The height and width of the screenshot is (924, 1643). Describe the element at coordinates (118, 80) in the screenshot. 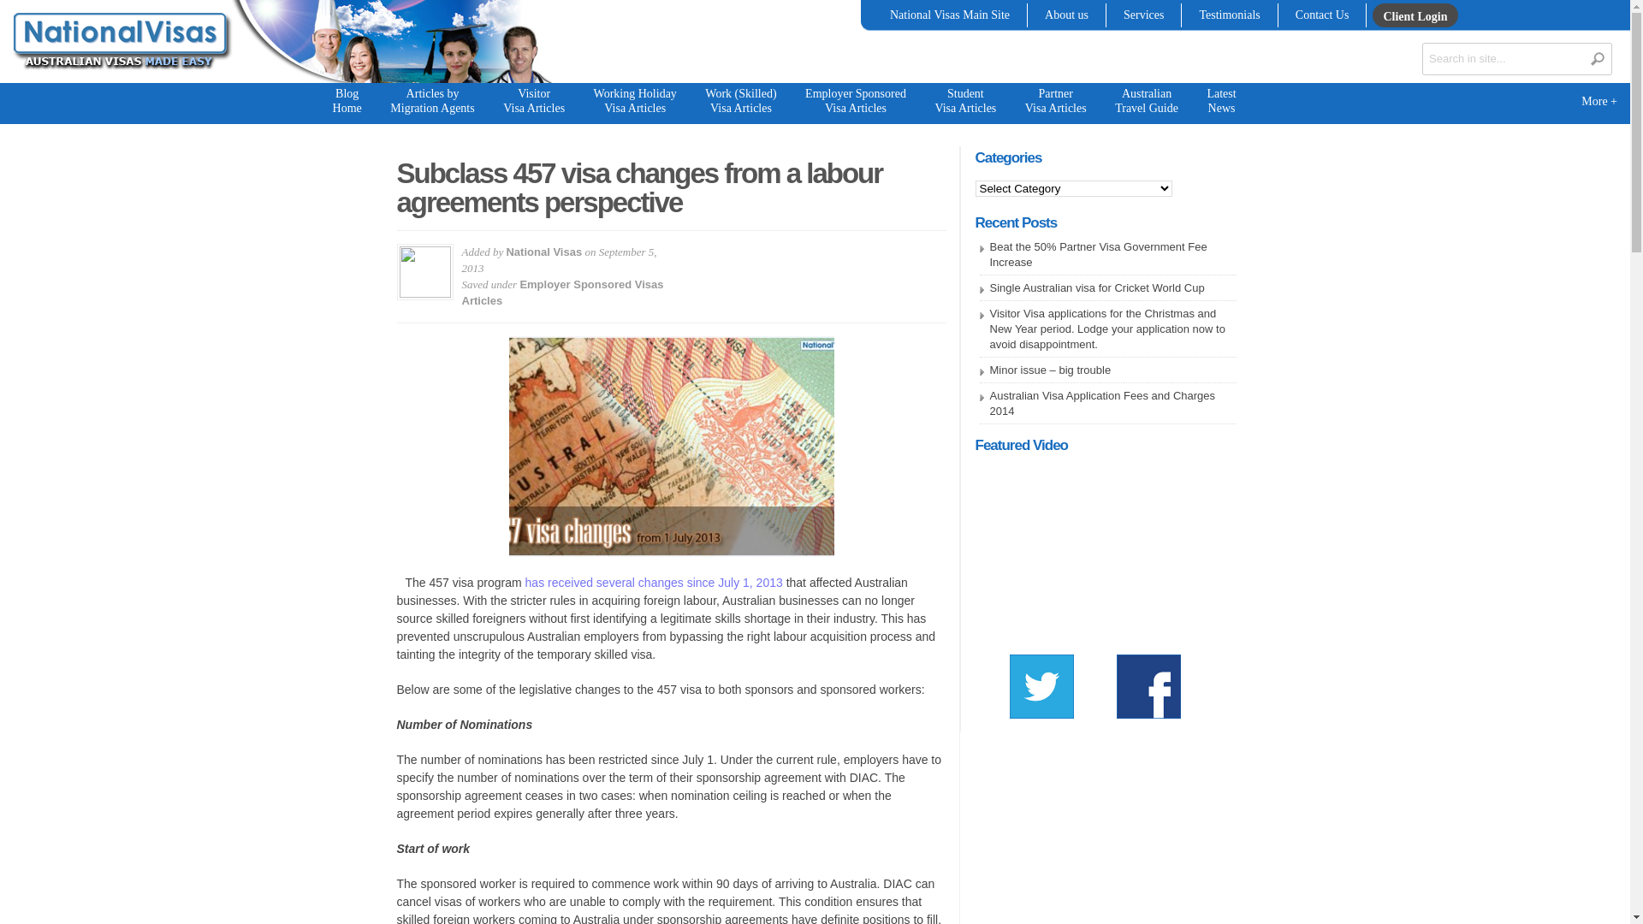

I see `'National Visas Official Blog'` at that location.